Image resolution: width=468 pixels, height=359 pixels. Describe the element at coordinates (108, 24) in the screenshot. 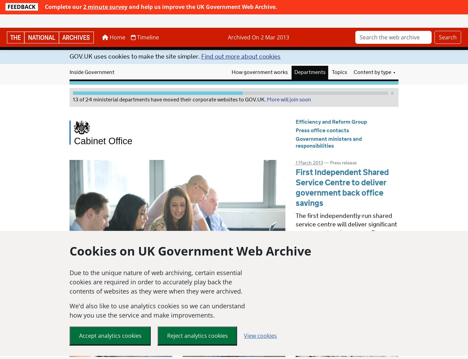

I see `'Home'` at that location.